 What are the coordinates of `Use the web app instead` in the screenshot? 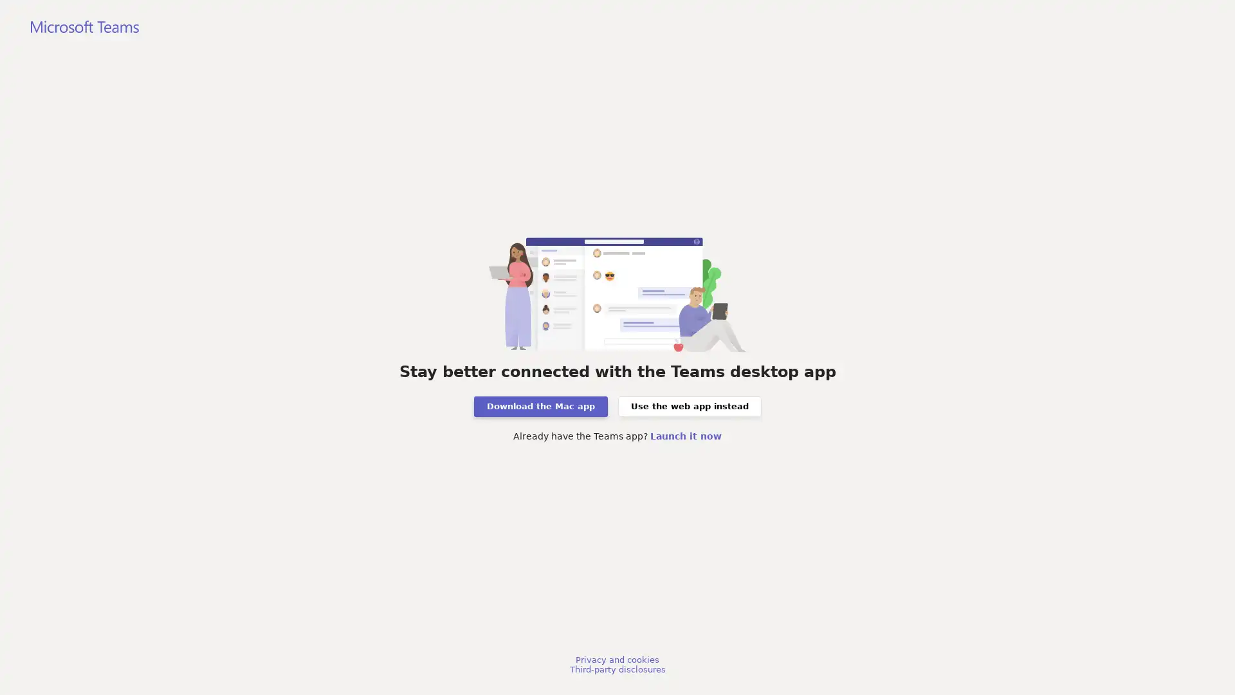 It's located at (688, 406).